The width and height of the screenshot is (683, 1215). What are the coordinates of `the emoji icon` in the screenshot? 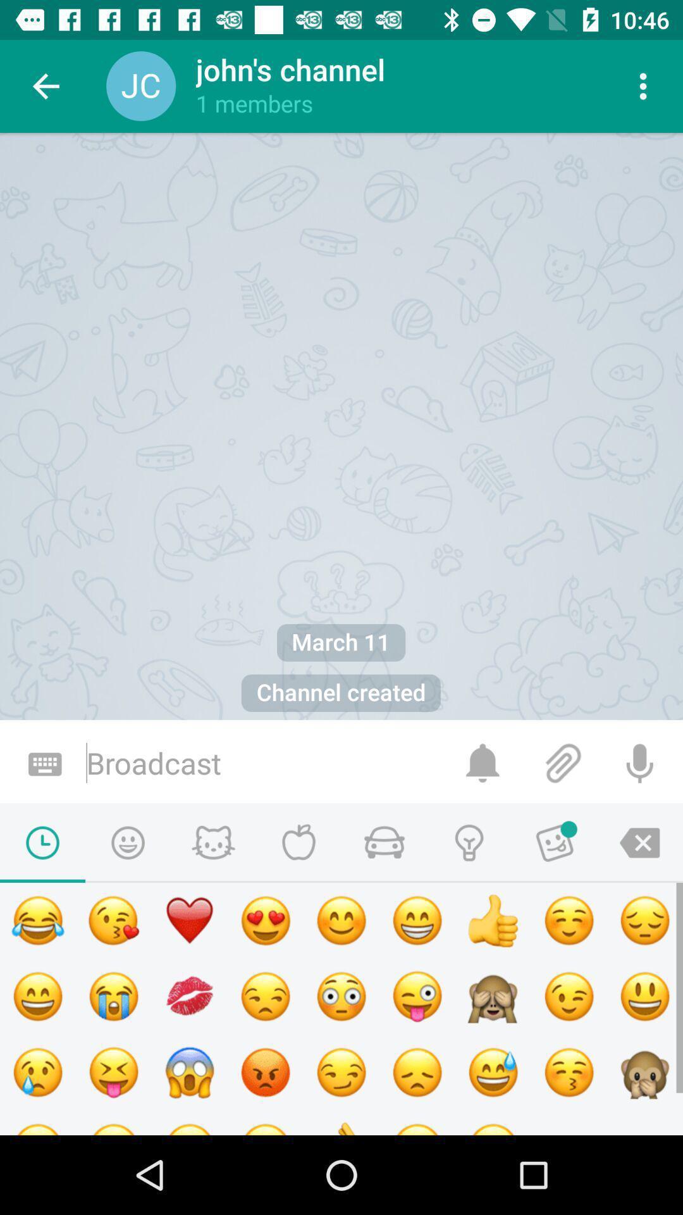 It's located at (417, 995).